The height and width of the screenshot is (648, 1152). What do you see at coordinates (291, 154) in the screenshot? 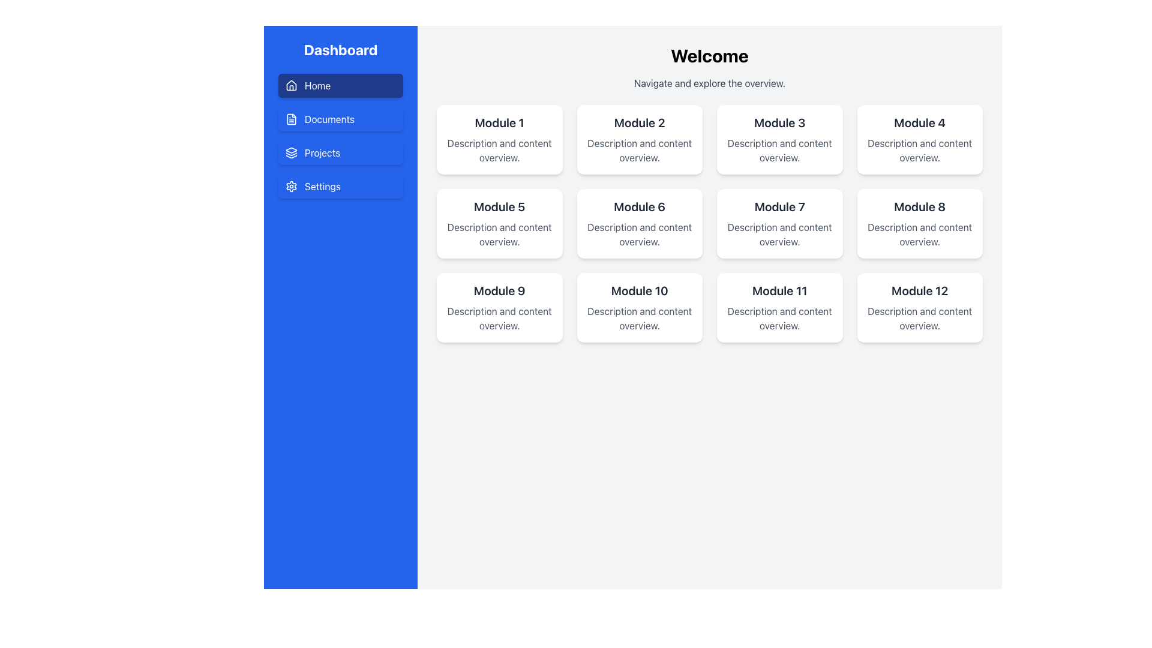
I see `the middle segment of the blue layer stack icon located in the sidebar next to the 'Projects' menu item` at bounding box center [291, 154].